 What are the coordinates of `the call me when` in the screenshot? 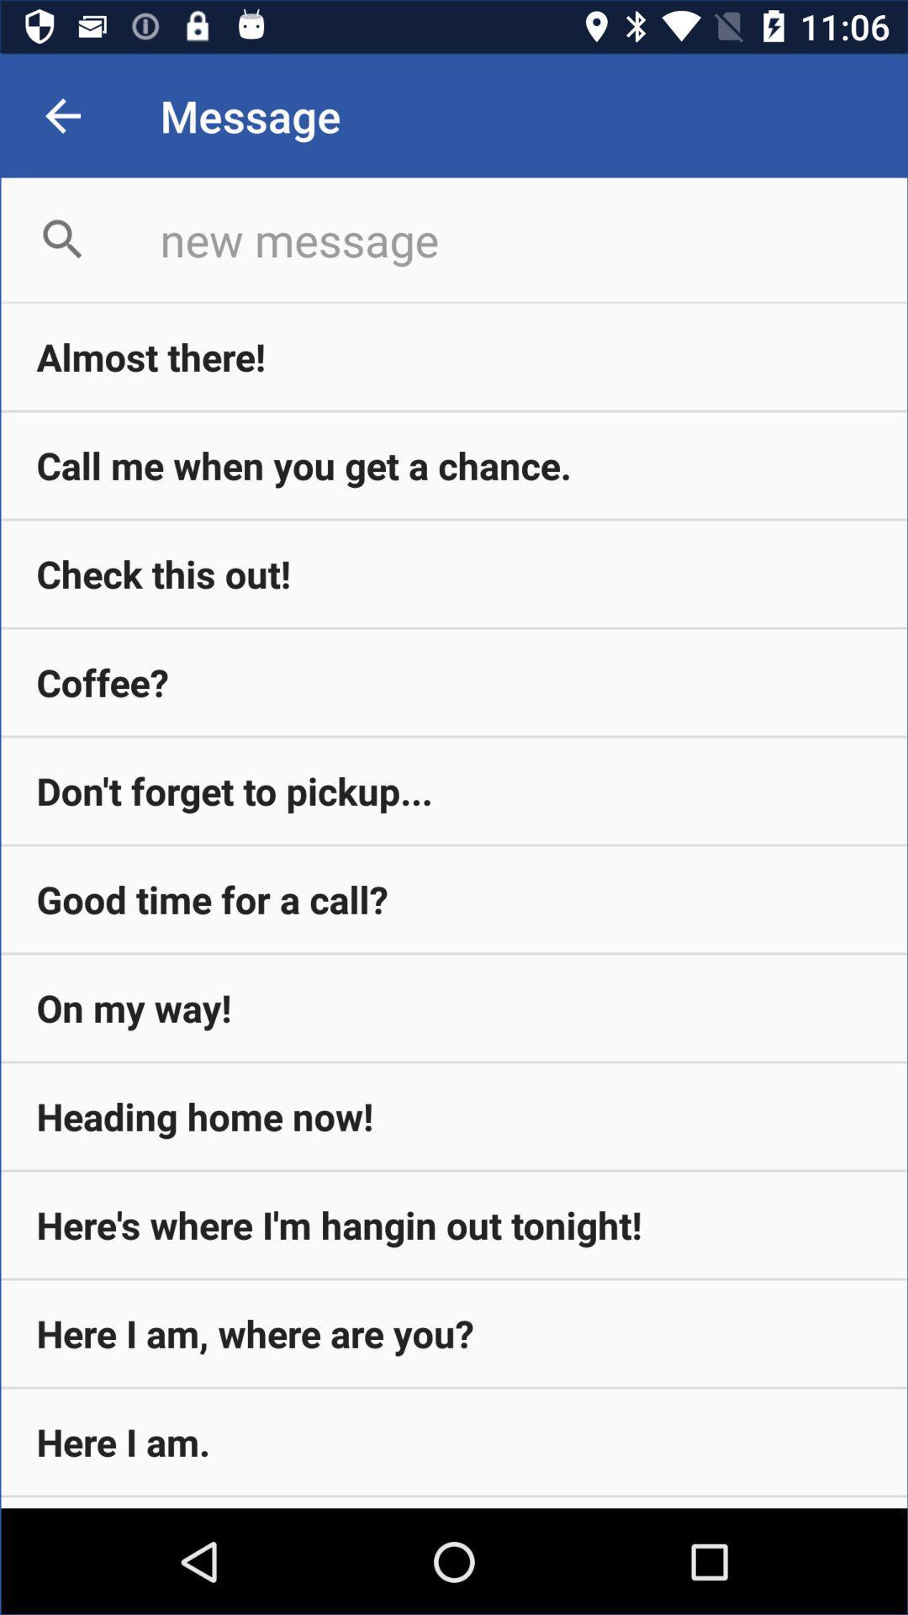 It's located at (454, 465).